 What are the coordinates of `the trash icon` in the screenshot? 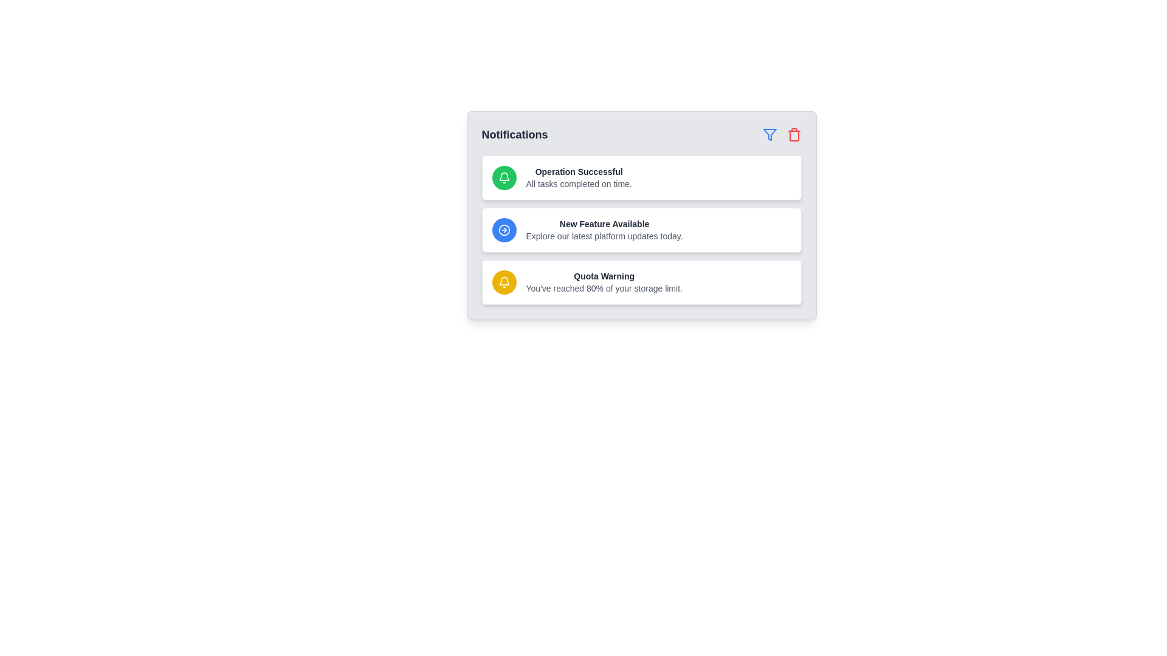 It's located at (794, 135).